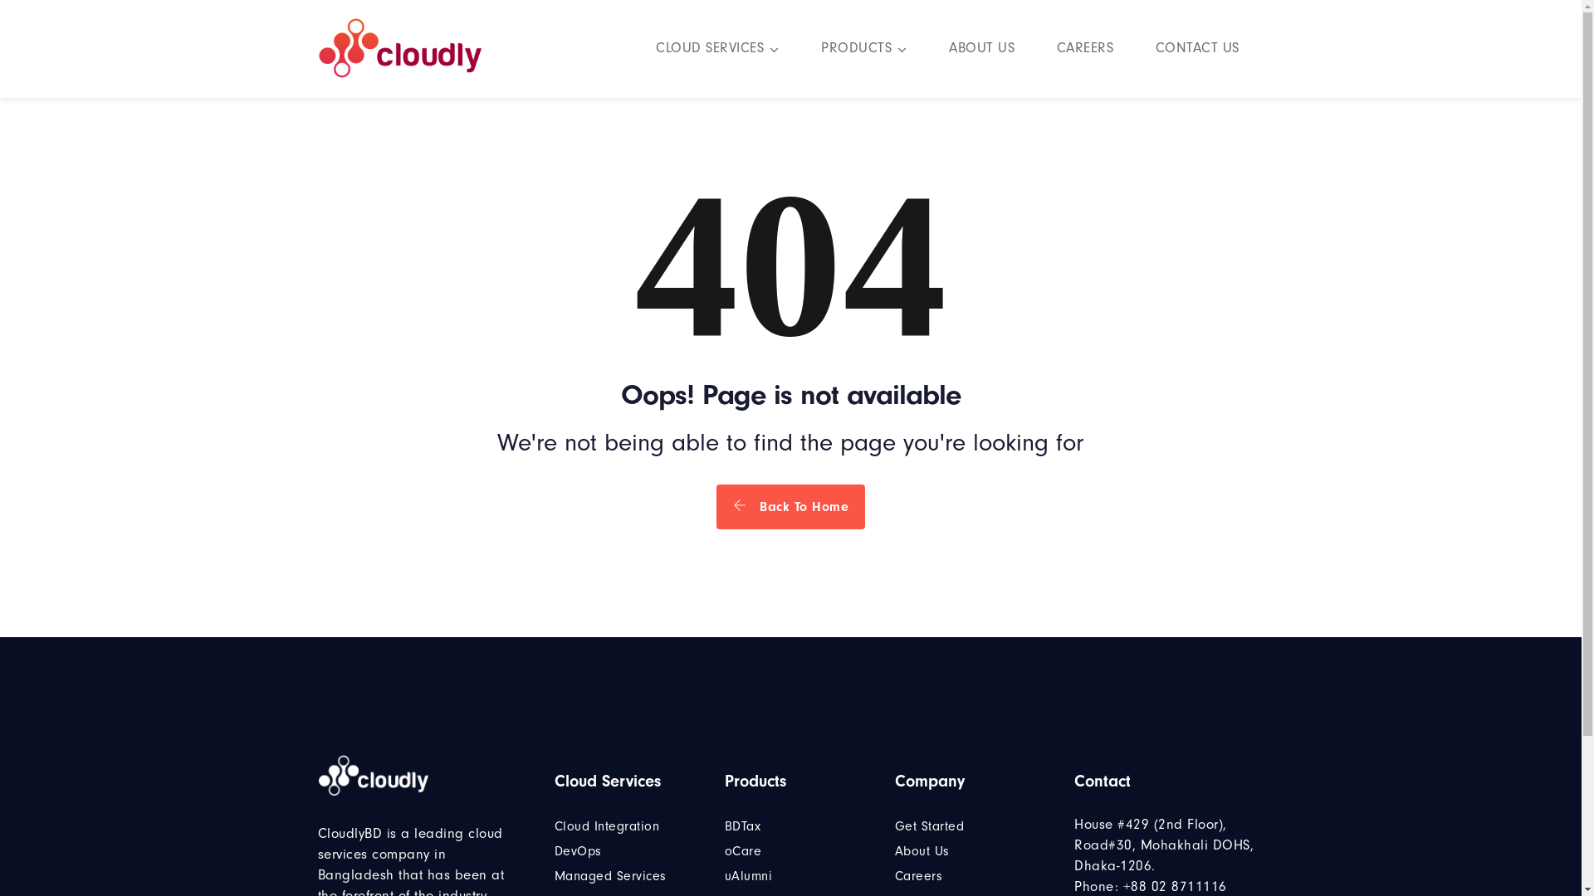 The image size is (1594, 896). Describe the element at coordinates (1084, 49) in the screenshot. I see `'CAREERS'` at that location.